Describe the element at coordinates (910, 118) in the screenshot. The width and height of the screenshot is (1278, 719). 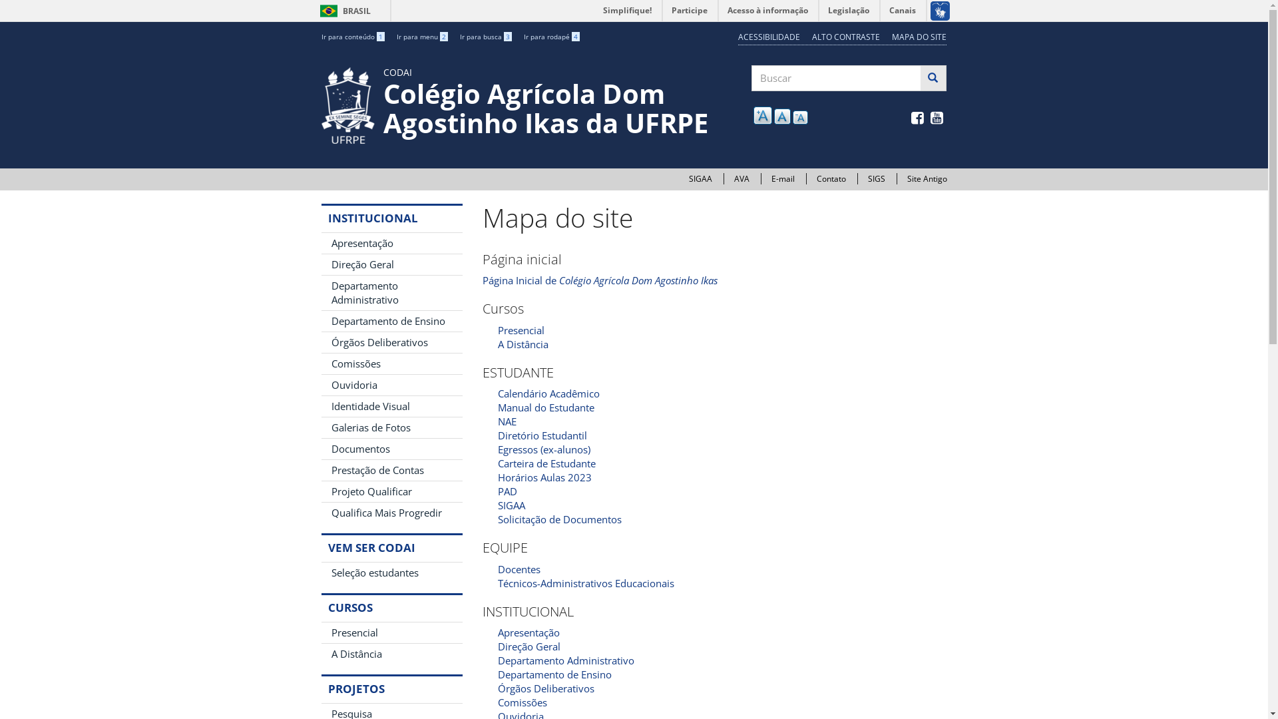
I see `' '` at that location.